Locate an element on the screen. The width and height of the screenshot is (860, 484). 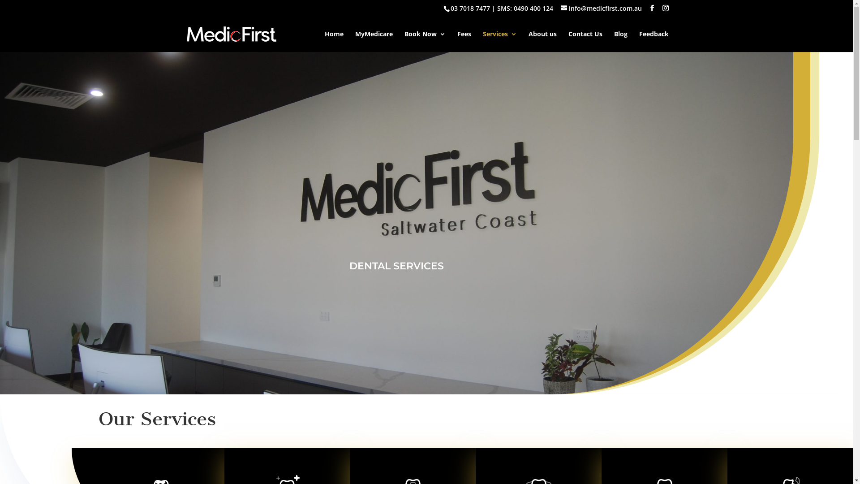
'About us' is located at coordinates (542, 41).